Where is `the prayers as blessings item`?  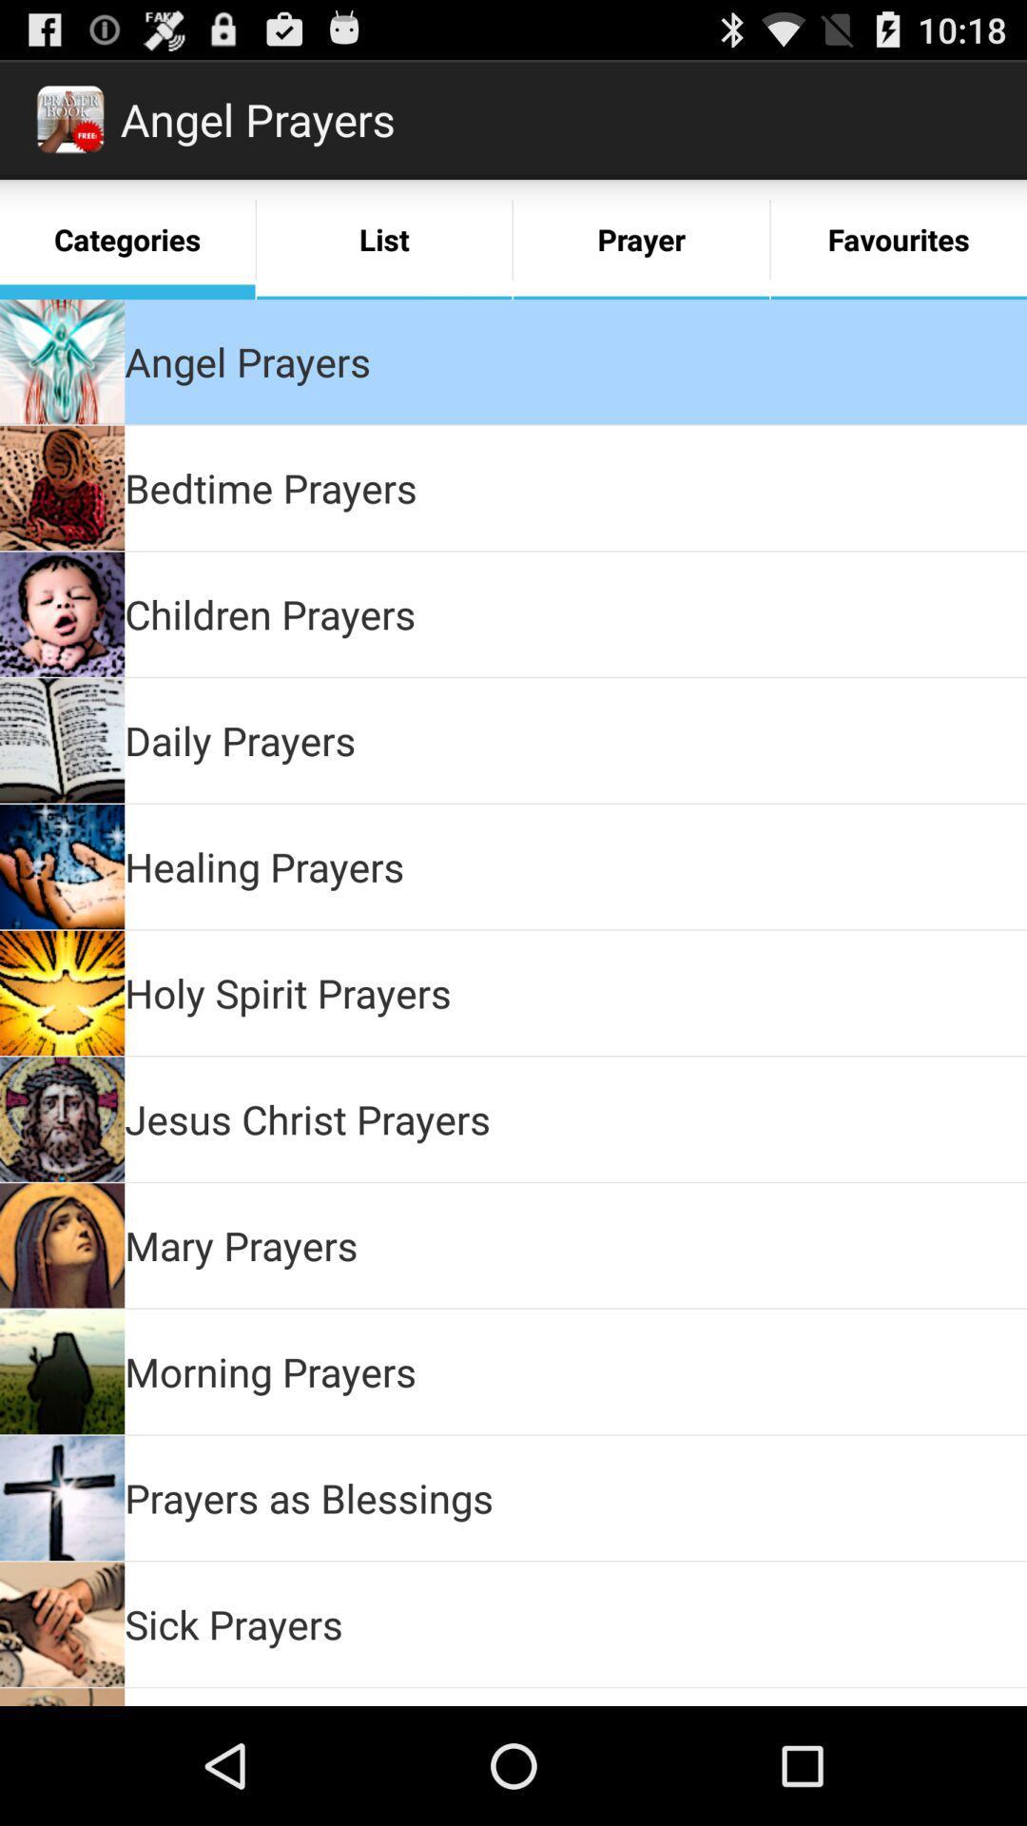 the prayers as blessings item is located at coordinates (308, 1496).